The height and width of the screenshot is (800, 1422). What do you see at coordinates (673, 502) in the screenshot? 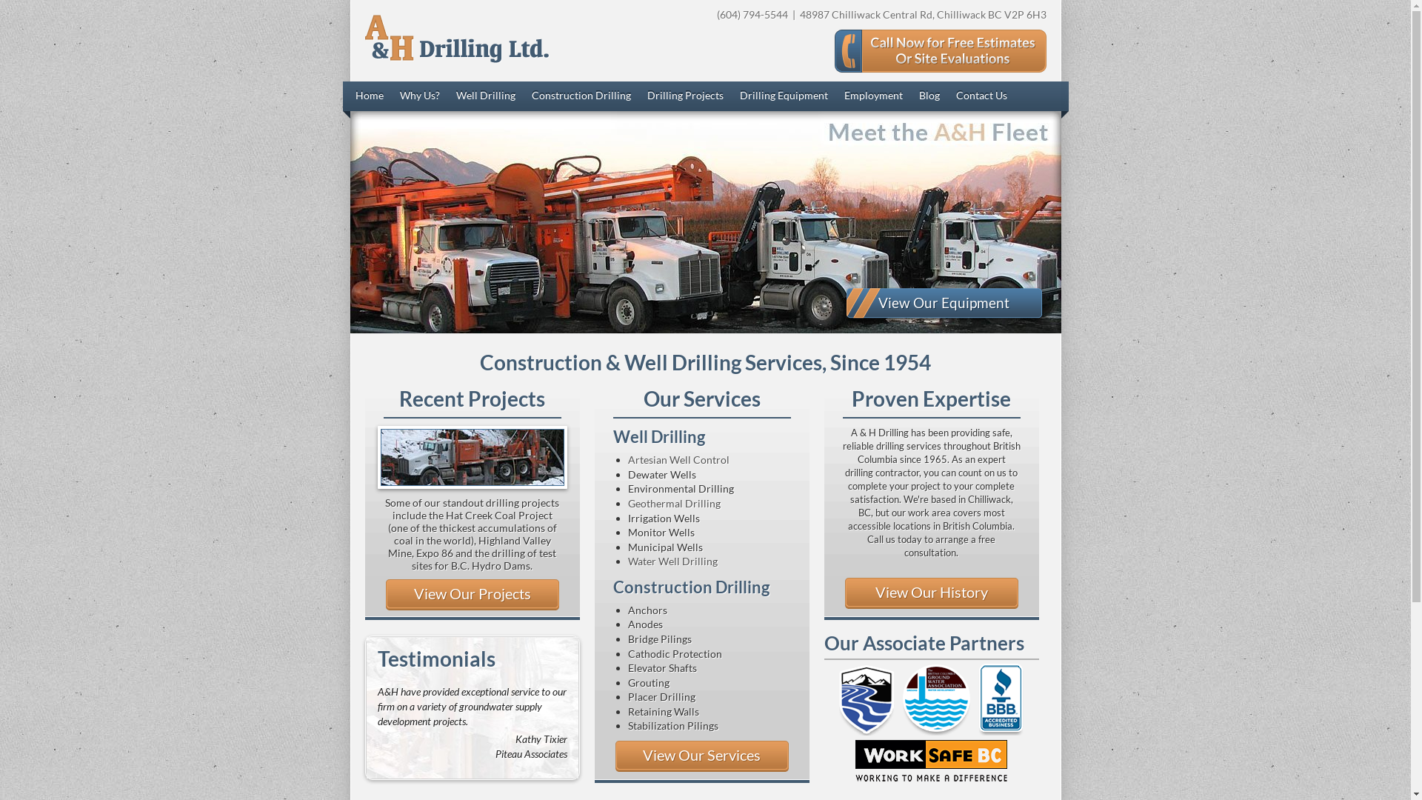
I see `'Geothermal Drilling'` at bounding box center [673, 502].